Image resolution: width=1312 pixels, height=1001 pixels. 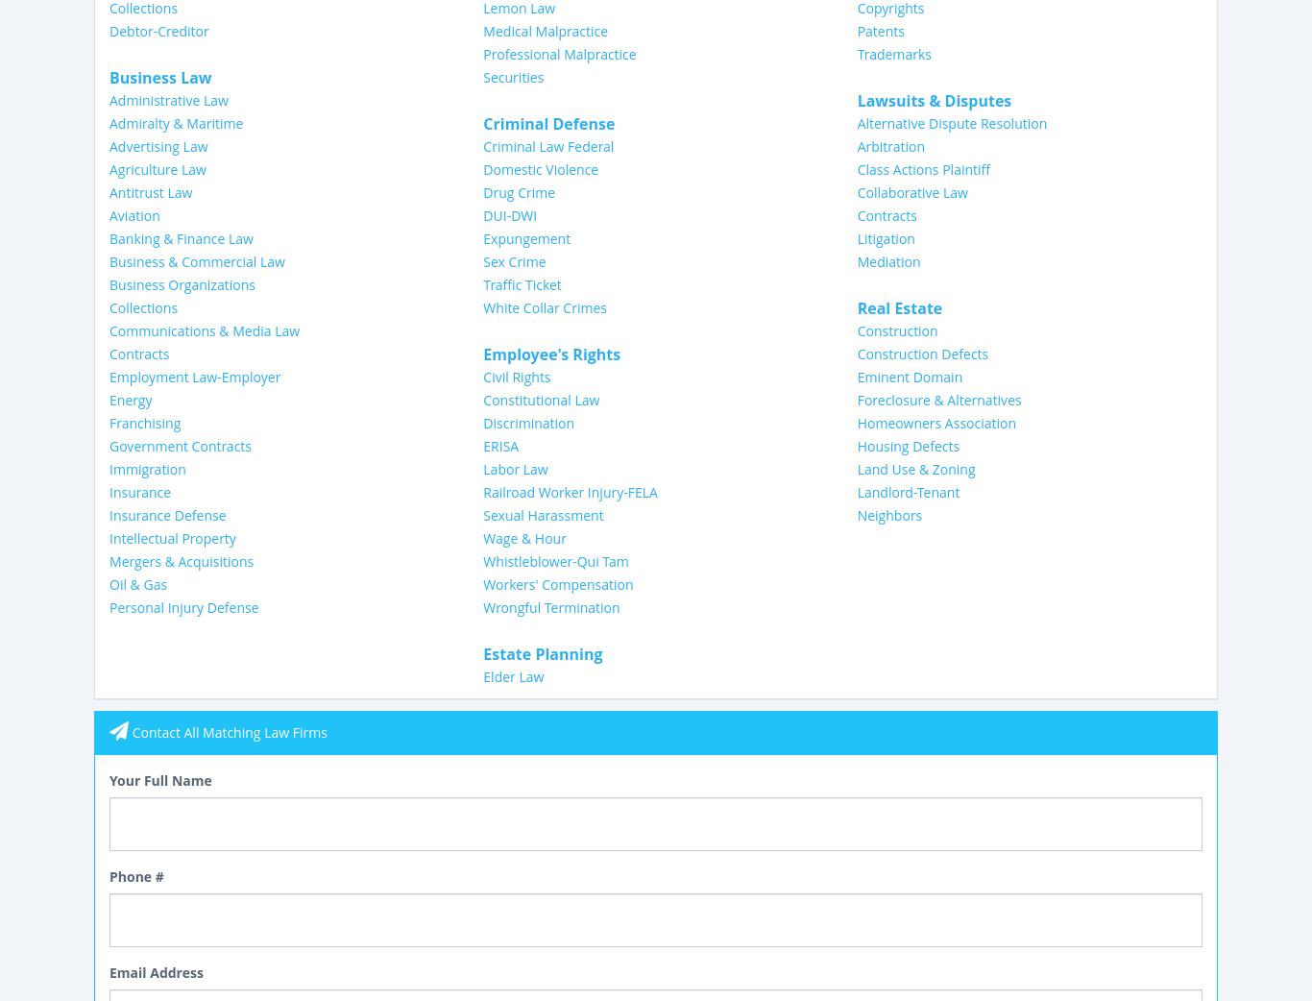 I want to click on 'Litigation', so click(x=886, y=236).